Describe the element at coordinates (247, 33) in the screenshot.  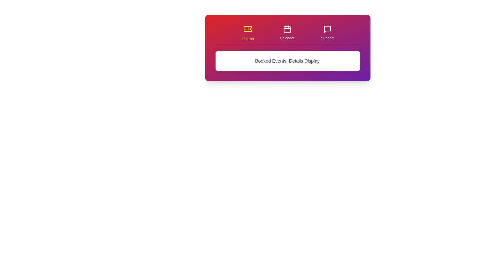
I see `the Tickets tab to switch its content` at that location.